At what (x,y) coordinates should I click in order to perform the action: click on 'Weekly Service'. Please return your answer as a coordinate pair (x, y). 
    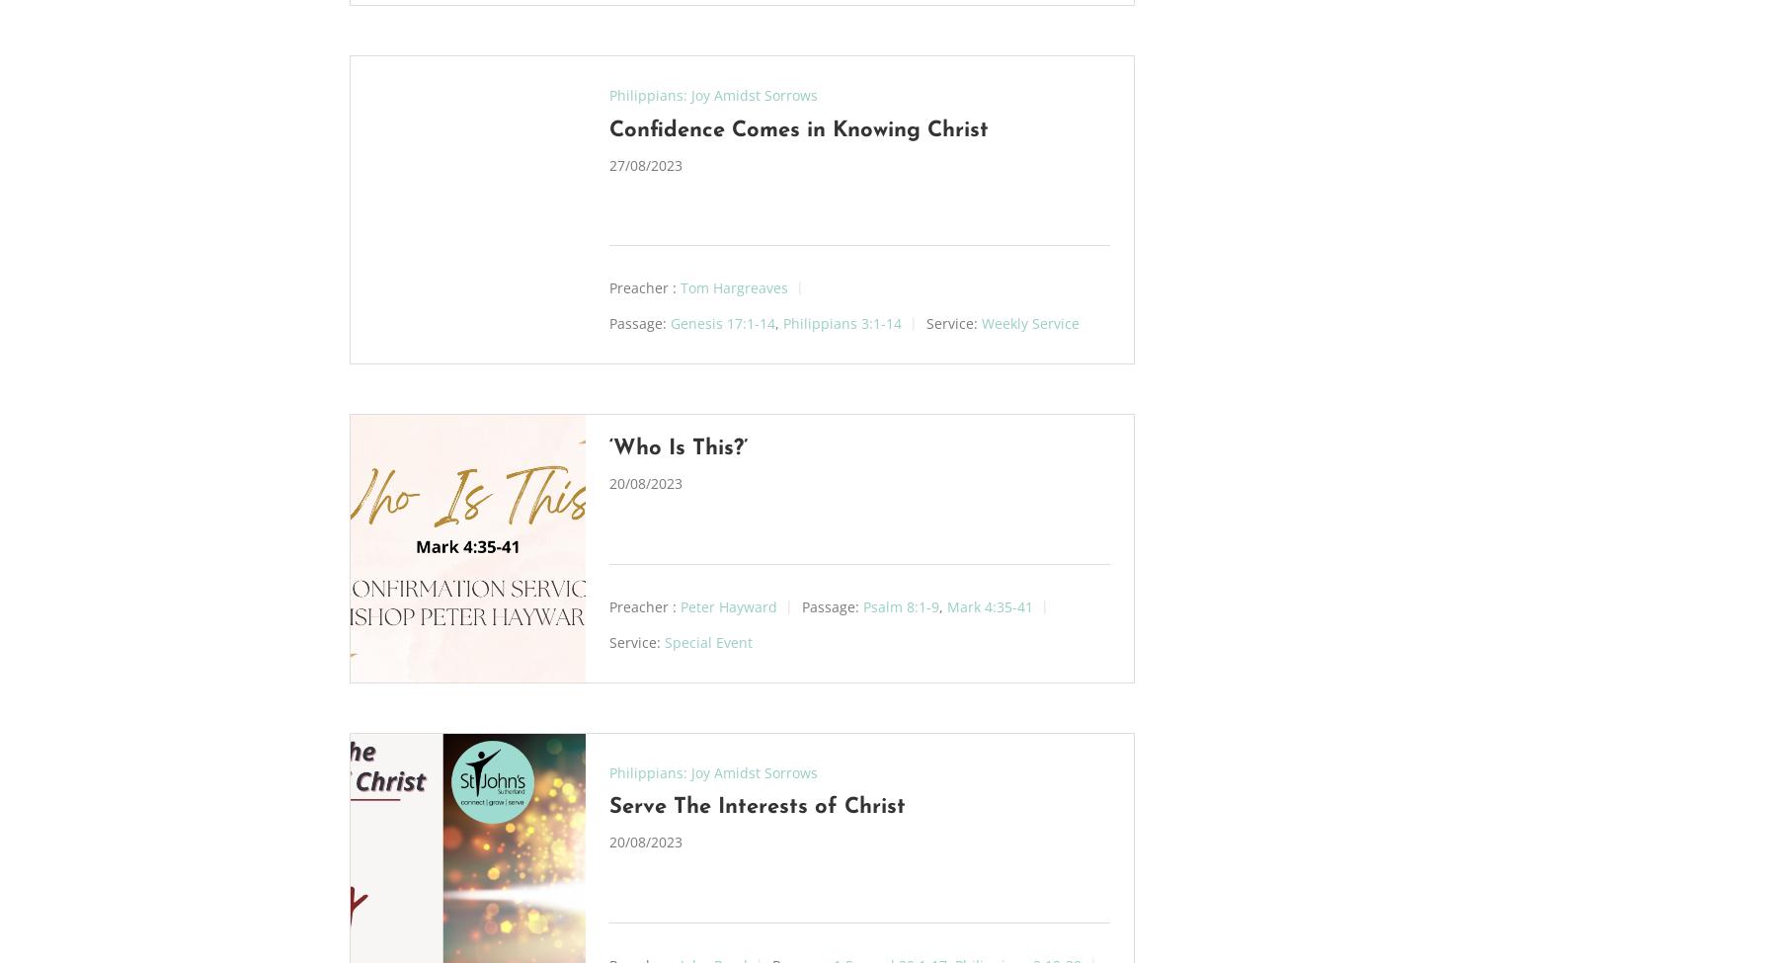
    Looking at the image, I should click on (1029, 321).